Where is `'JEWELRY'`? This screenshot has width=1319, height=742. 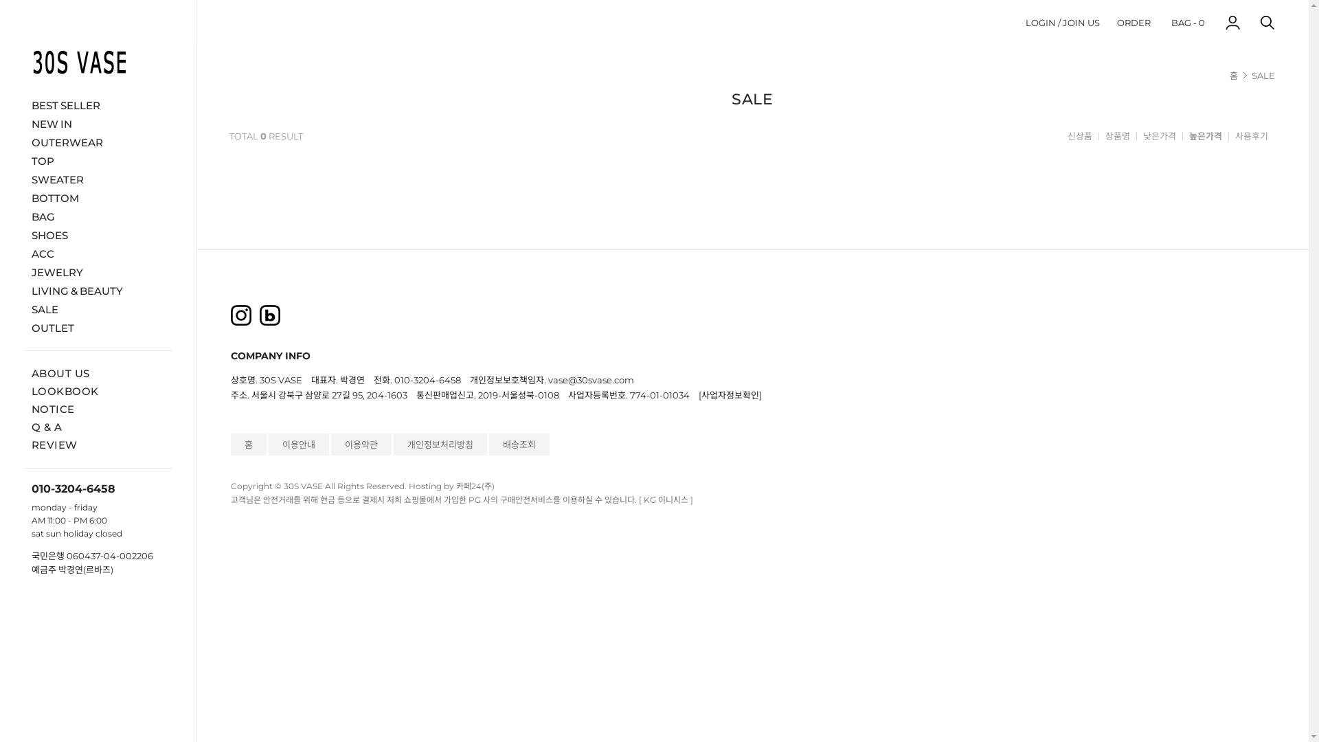 'JEWELRY' is located at coordinates (24, 271).